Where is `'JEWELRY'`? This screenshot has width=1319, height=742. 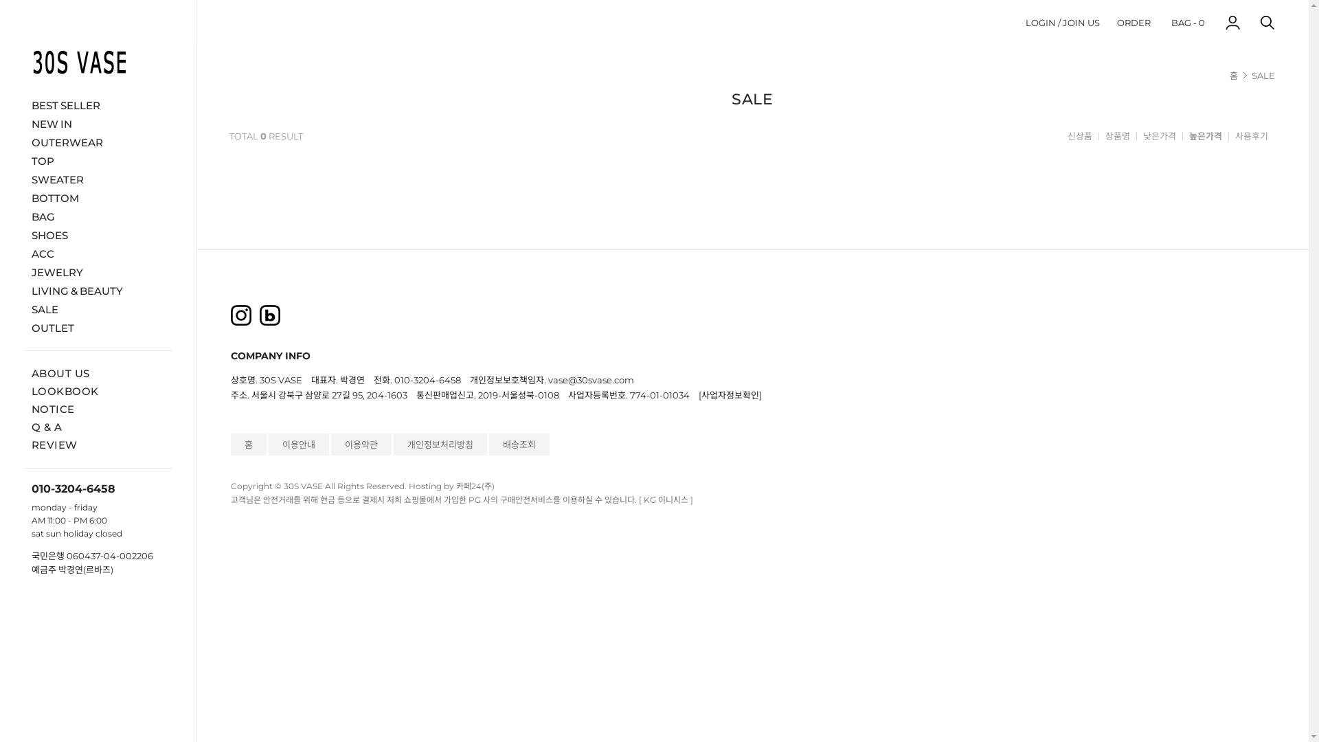 'JEWELRY' is located at coordinates (24, 271).